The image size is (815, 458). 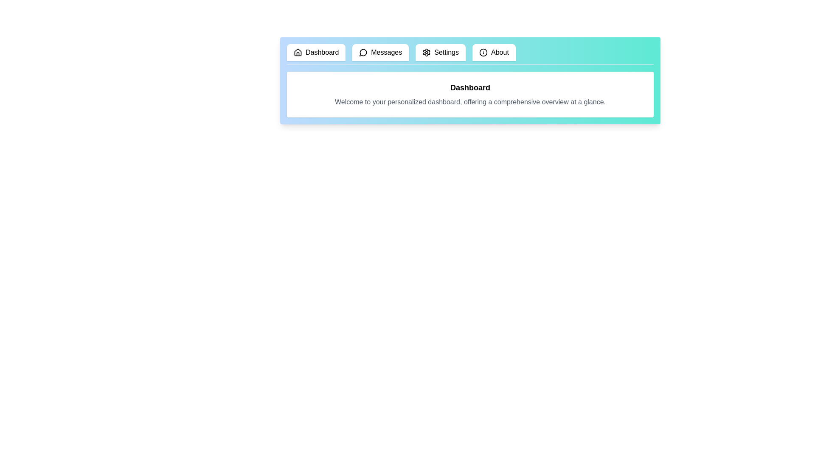 What do you see at coordinates (363, 52) in the screenshot?
I see `the icon of the tab labeled Messages` at bounding box center [363, 52].